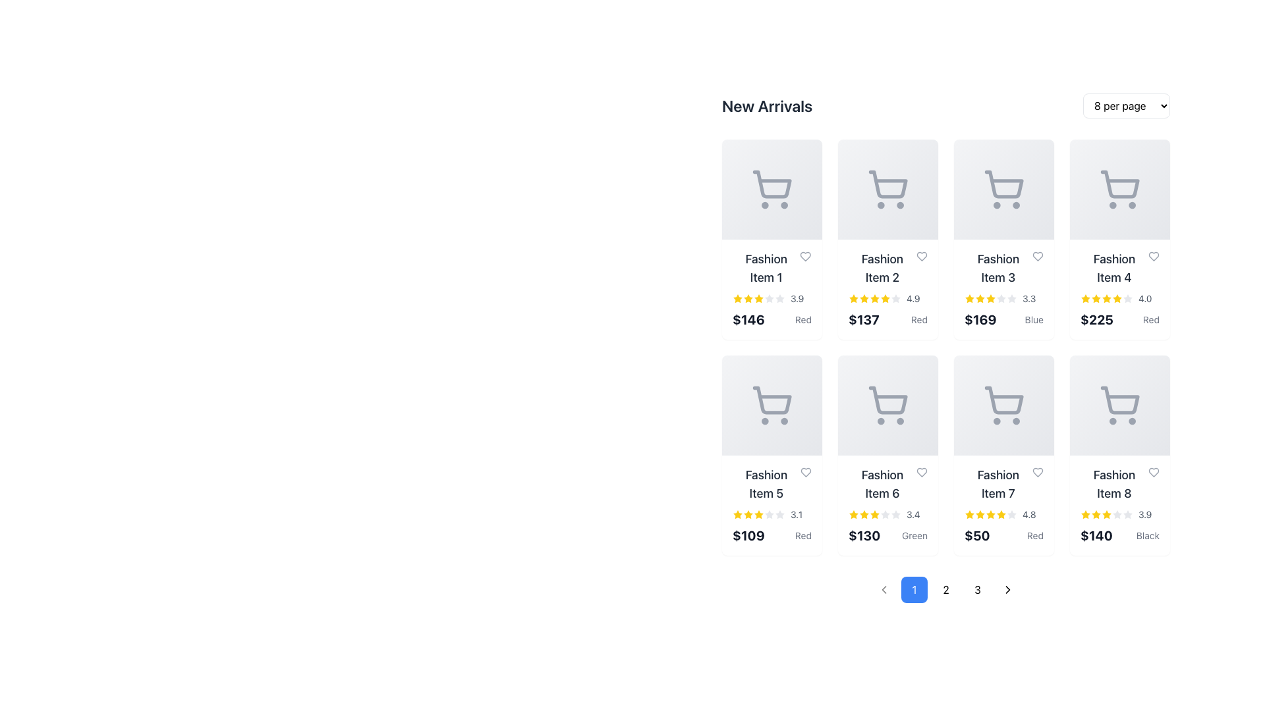  Describe the element at coordinates (913, 299) in the screenshot. I see `displayed text '4.9' from the text label associated with the rating stars next to 'Fashion Item 2' in the 'New Arrivals' section` at that location.